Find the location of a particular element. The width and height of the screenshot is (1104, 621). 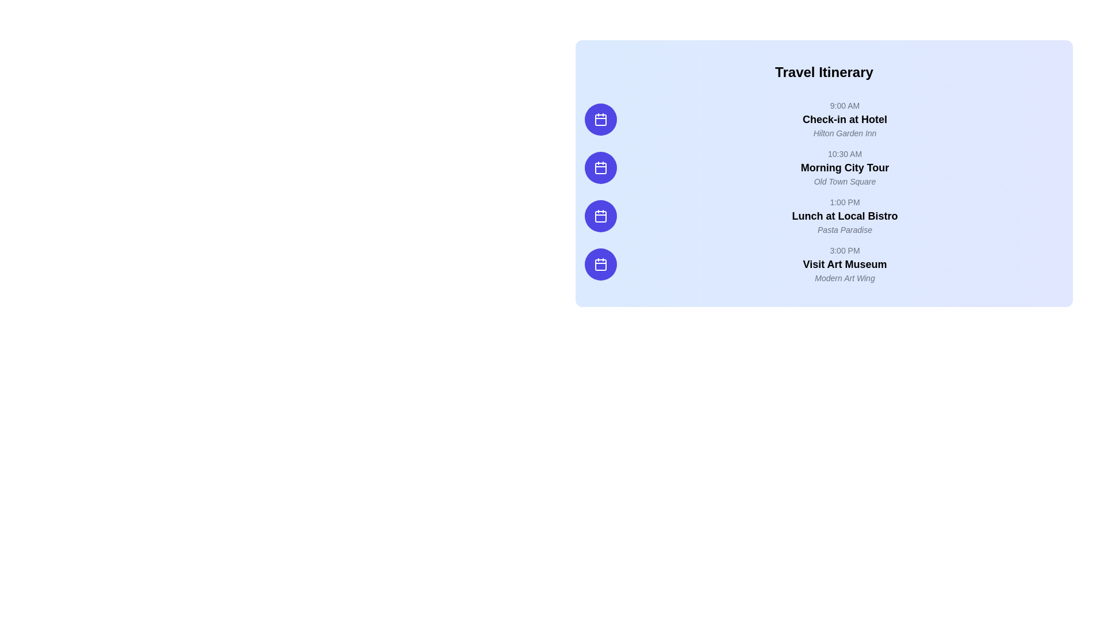

text label indicating the time for the 'Lunch at Local Bistro' activity, which is located in the third time slot of the itinerary list is located at coordinates (845, 201).